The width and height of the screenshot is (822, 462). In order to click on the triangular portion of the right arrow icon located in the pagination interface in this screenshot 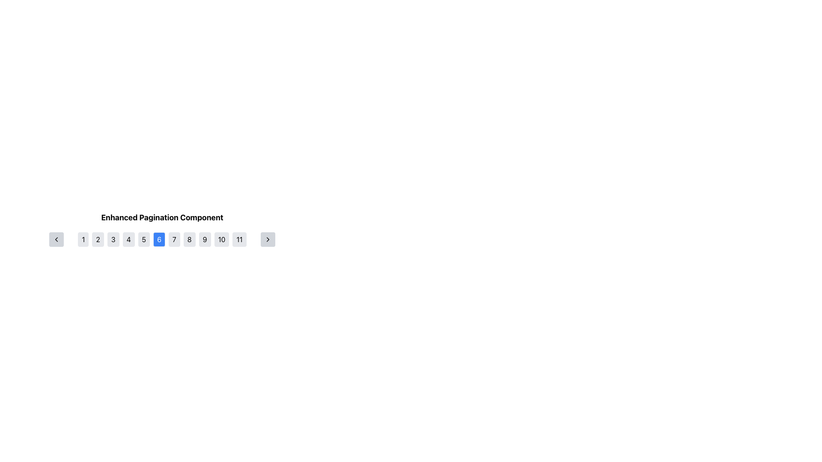, I will do `click(267, 239)`.